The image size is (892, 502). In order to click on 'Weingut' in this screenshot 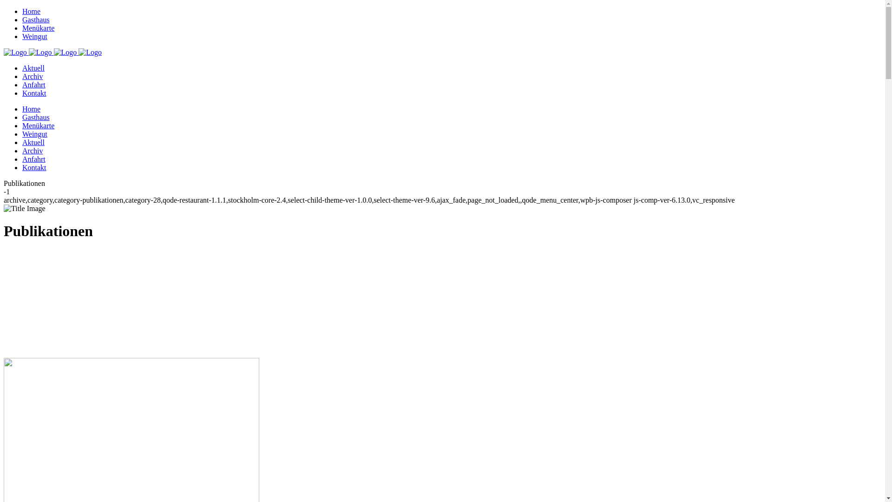, I will do `click(22, 36)`.